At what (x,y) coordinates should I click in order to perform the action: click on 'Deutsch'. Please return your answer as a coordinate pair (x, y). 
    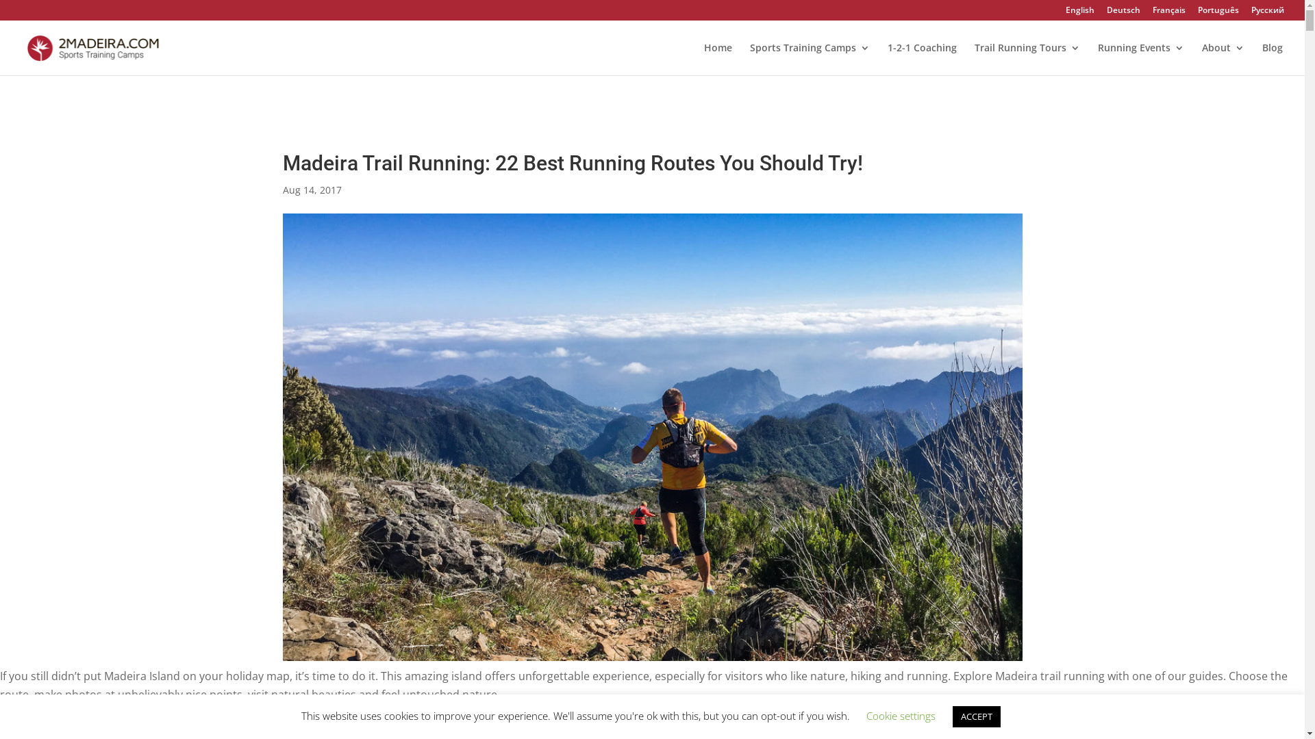
    Looking at the image, I should click on (1123, 13).